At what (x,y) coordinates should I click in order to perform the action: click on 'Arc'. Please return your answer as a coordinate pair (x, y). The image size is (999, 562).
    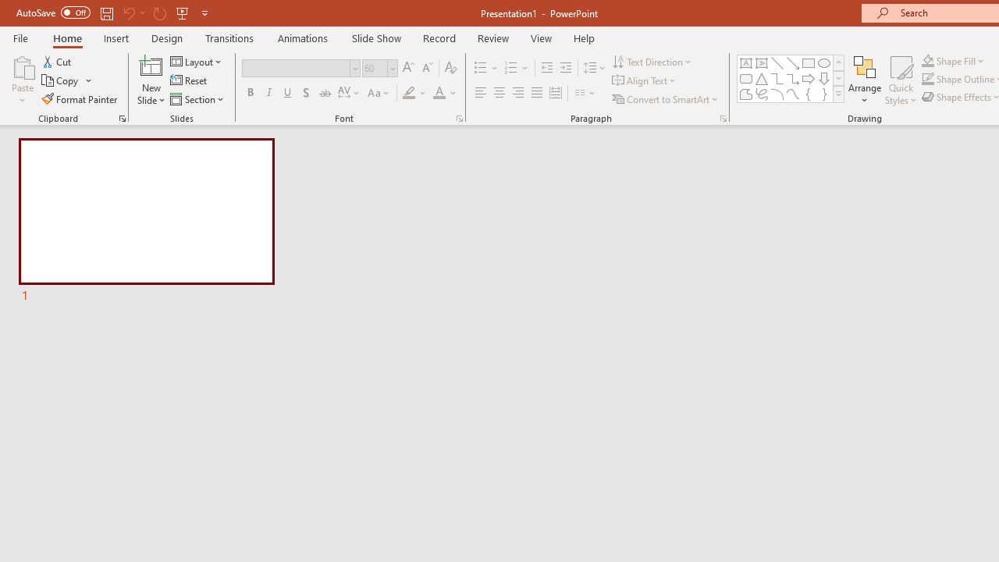
    Looking at the image, I should click on (777, 94).